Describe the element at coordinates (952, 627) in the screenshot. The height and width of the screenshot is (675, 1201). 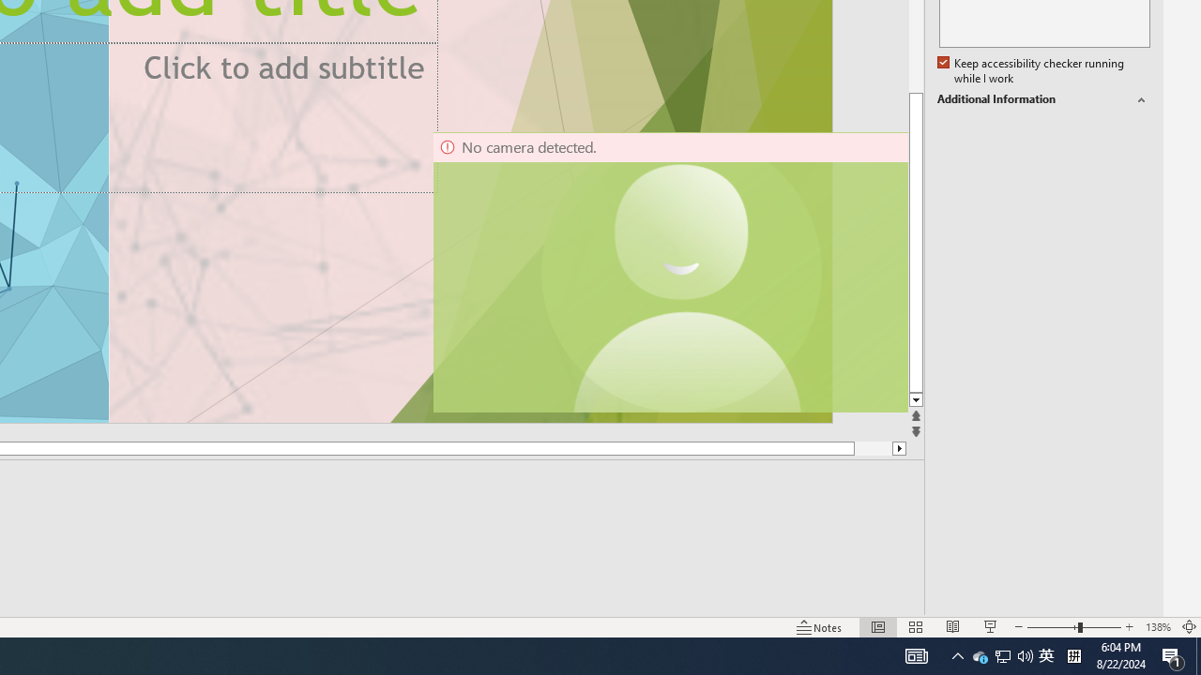
I see `'Reading View'` at that location.